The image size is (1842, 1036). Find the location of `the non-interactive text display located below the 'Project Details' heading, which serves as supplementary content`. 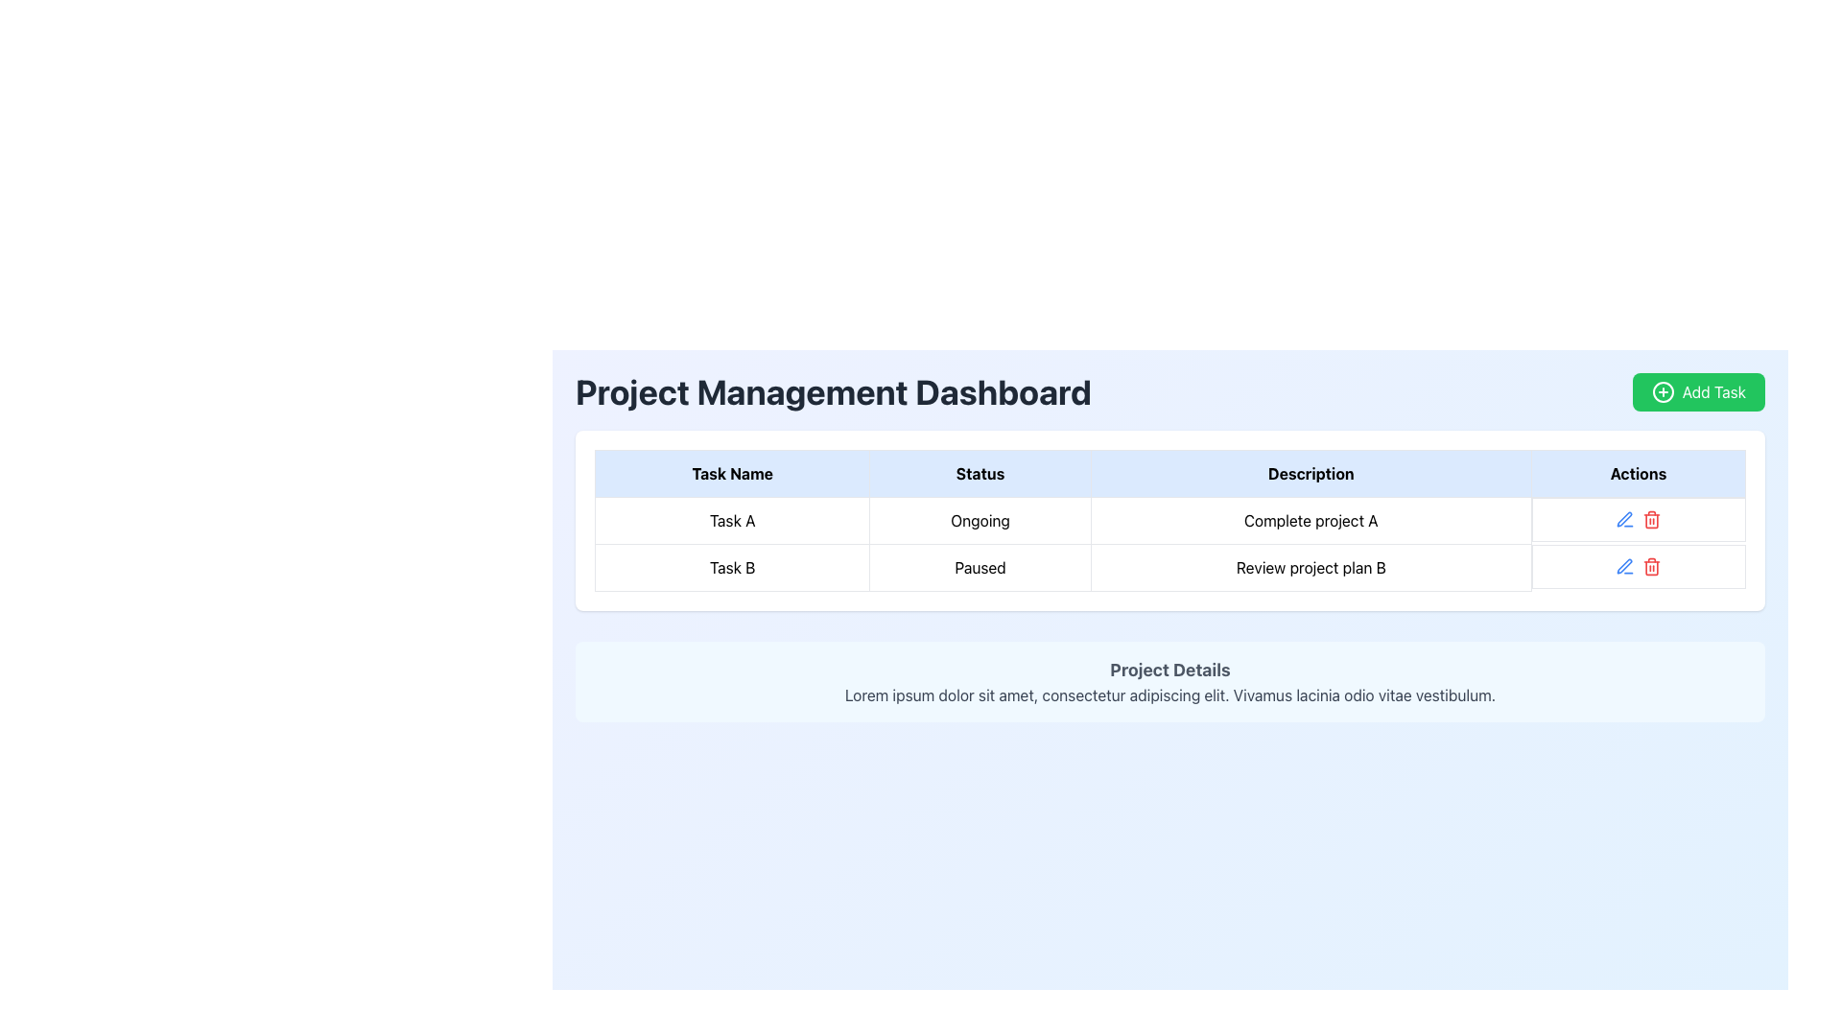

the non-interactive text display located below the 'Project Details' heading, which serves as supplementary content is located at coordinates (1169, 695).